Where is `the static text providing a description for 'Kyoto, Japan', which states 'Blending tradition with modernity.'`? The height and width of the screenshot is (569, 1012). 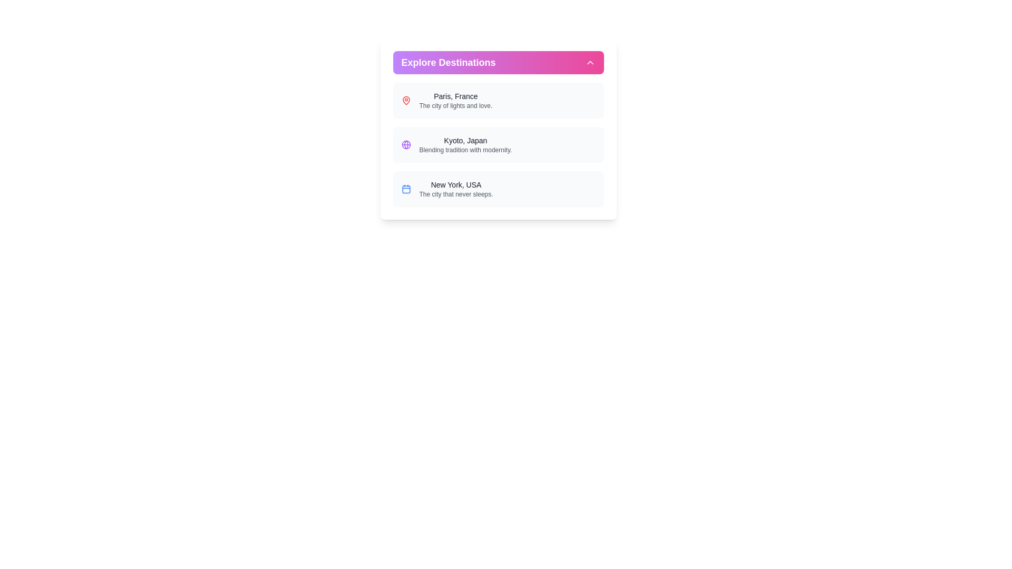 the static text providing a description for 'Kyoto, Japan', which states 'Blending tradition with modernity.' is located at coordinates (465, 150).